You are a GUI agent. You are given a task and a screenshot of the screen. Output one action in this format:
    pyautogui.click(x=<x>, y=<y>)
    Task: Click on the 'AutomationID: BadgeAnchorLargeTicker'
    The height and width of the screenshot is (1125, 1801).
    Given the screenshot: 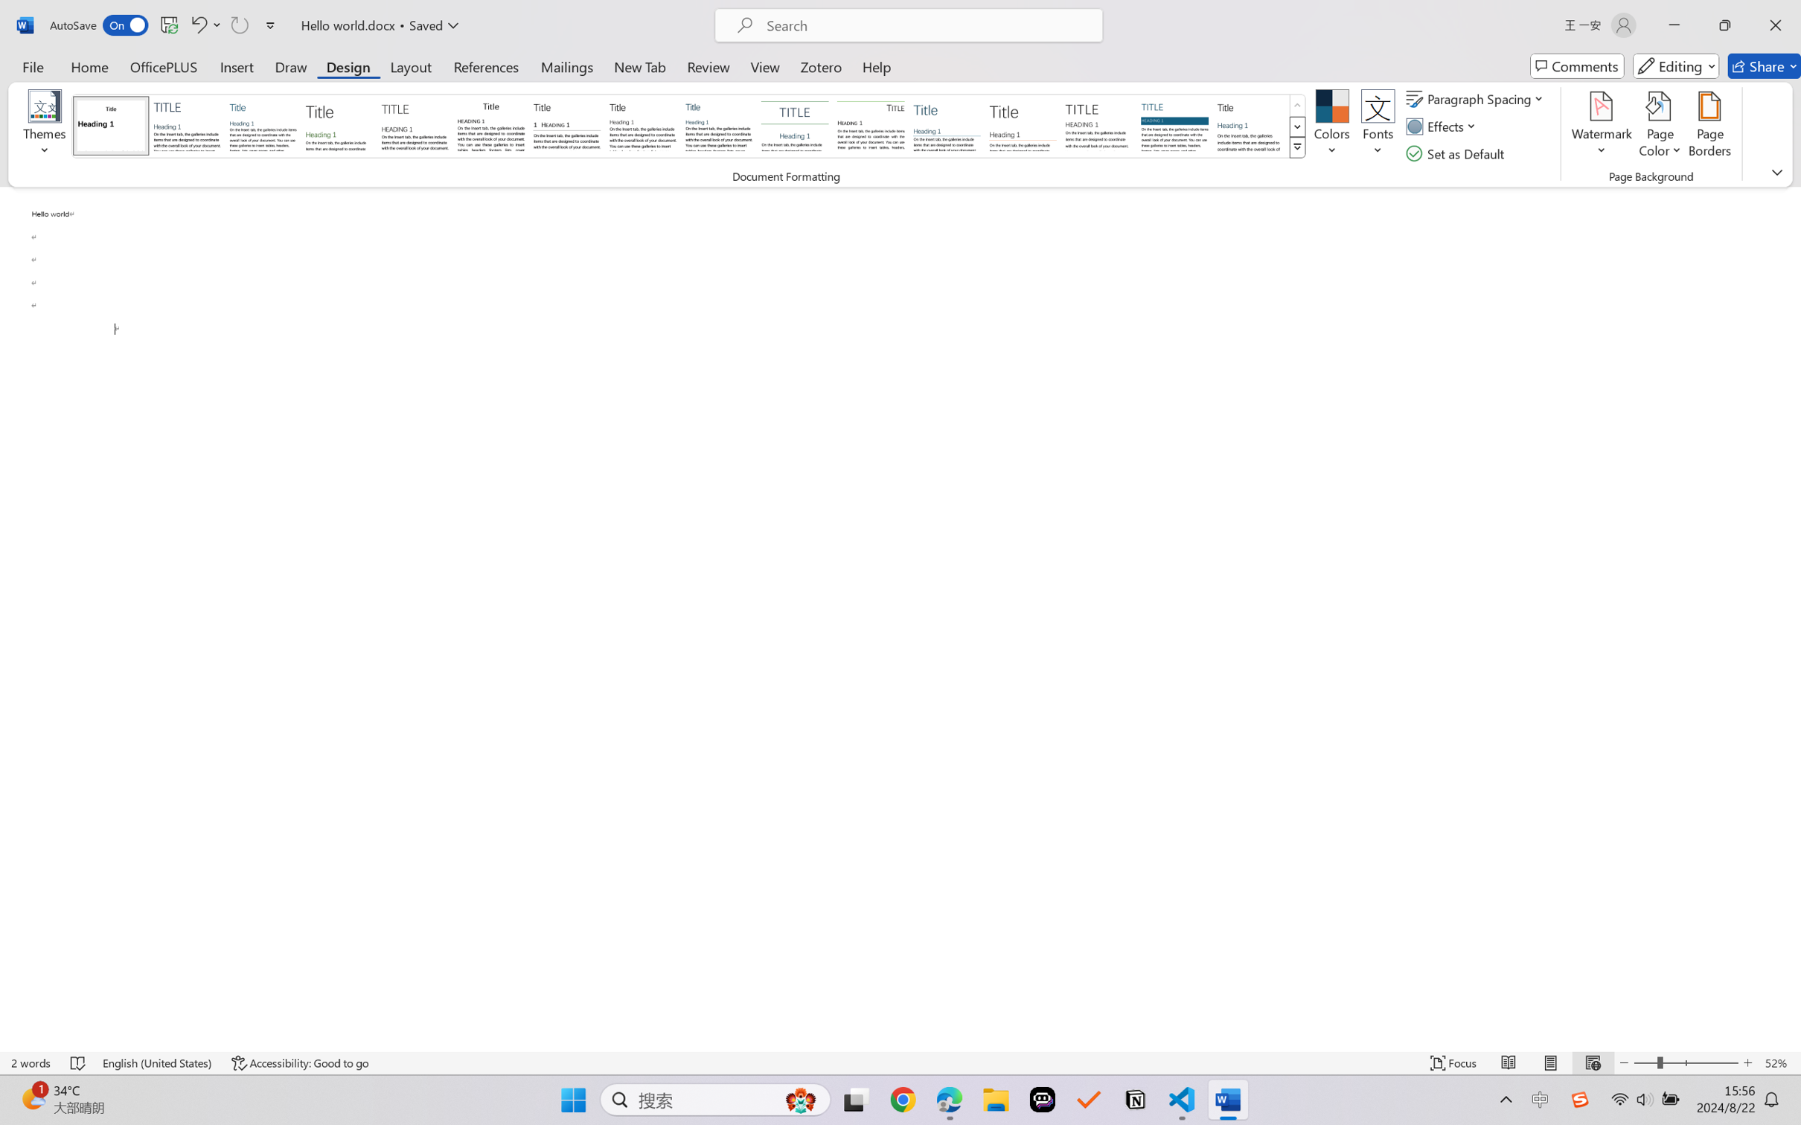 What is the action you would take?
    pyautogui.click(x=32, y=1098)
    